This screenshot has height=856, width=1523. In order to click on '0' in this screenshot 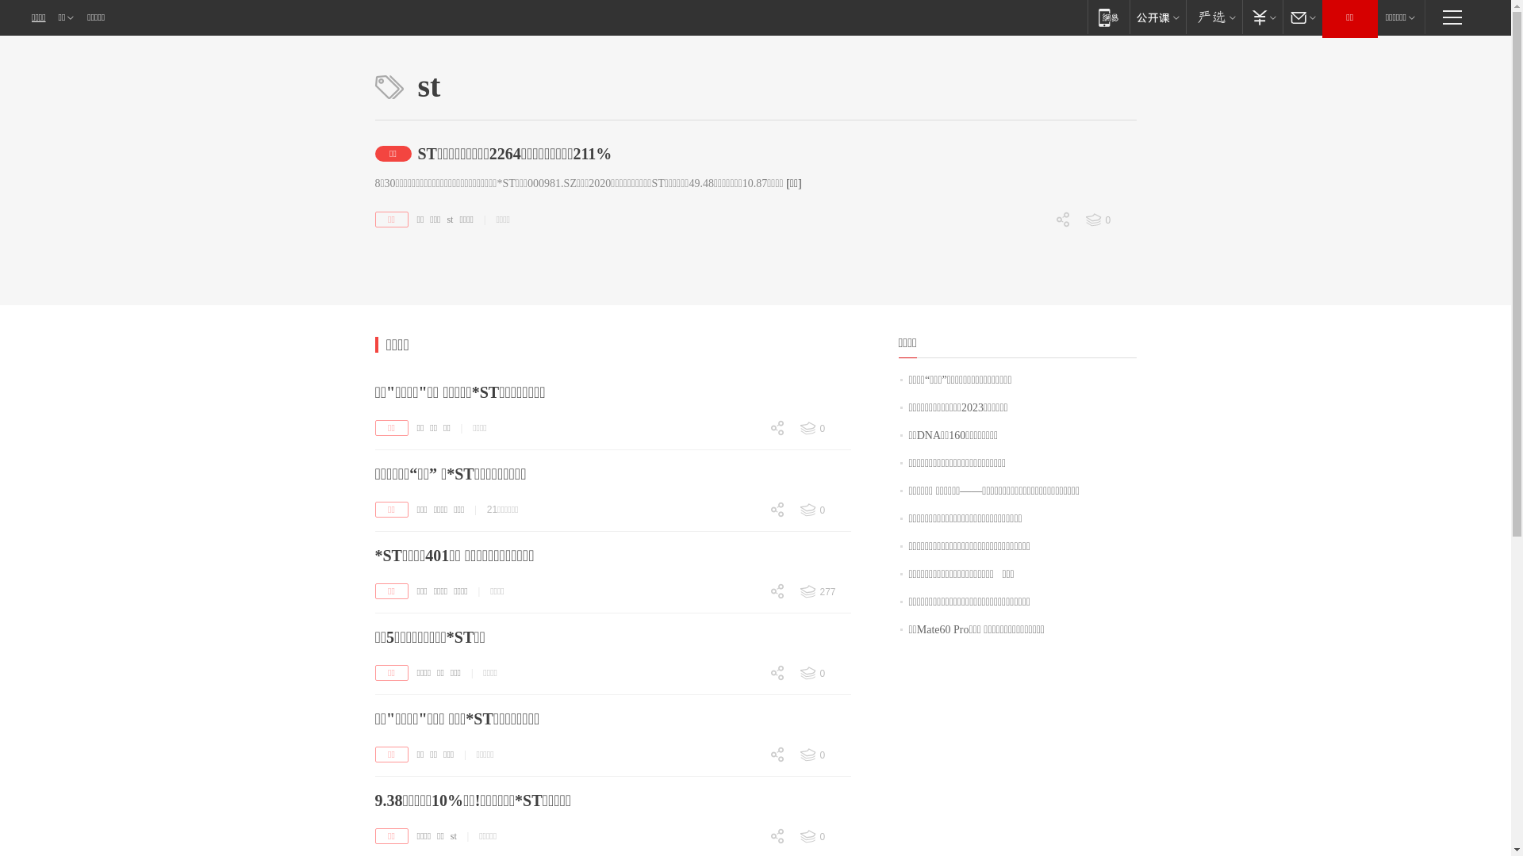, I will do `click(990, 303)`.